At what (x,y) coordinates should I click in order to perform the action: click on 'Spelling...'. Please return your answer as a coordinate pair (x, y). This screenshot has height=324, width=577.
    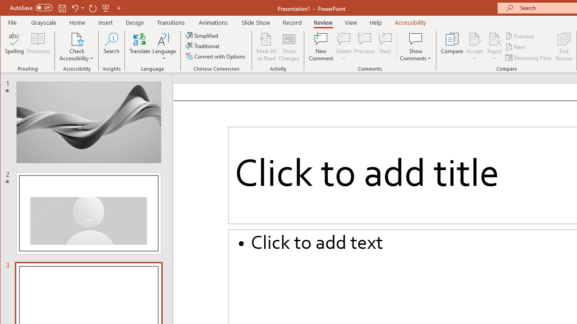
    Looking at the image, I should click on (14, 47).